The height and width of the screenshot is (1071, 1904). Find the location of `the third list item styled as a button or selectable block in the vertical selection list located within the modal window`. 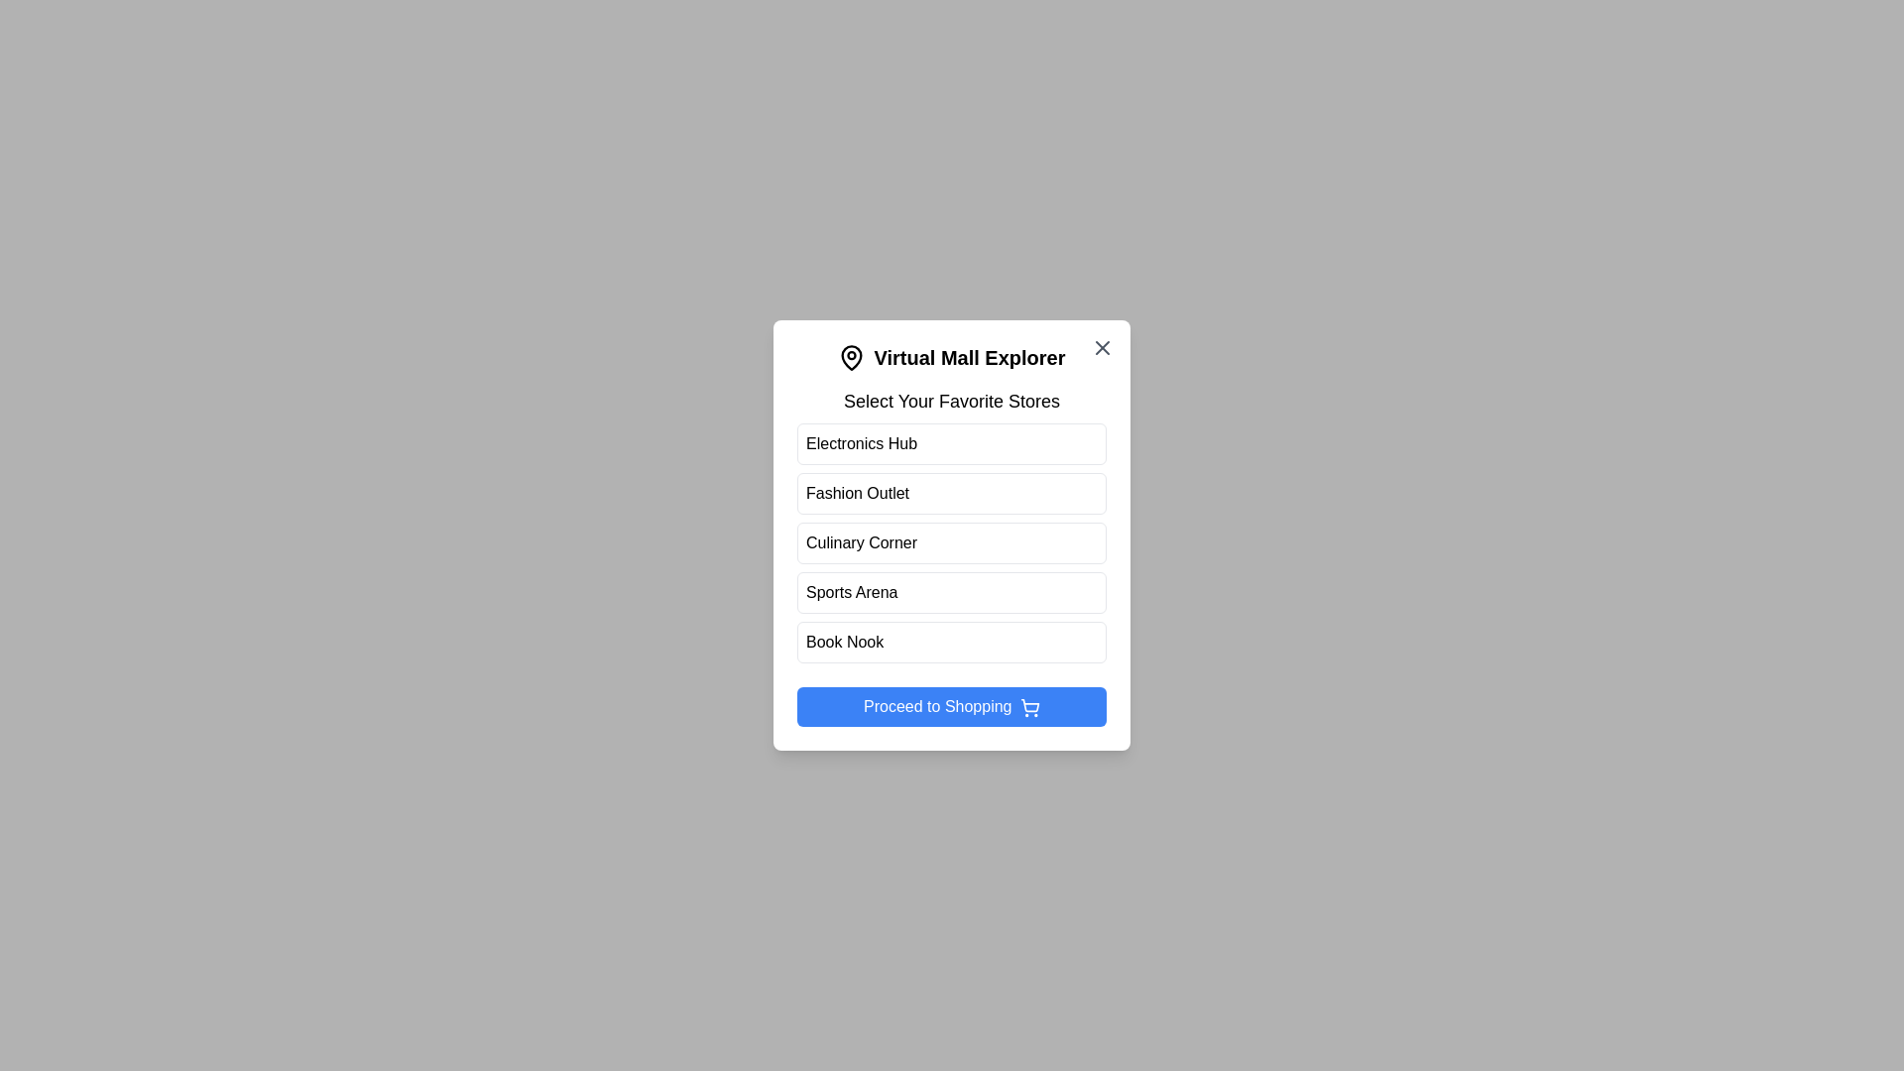

the third list item styled as a button or selectable block in the vertical selection list located within the modal window is located at coordinates (952, 542).